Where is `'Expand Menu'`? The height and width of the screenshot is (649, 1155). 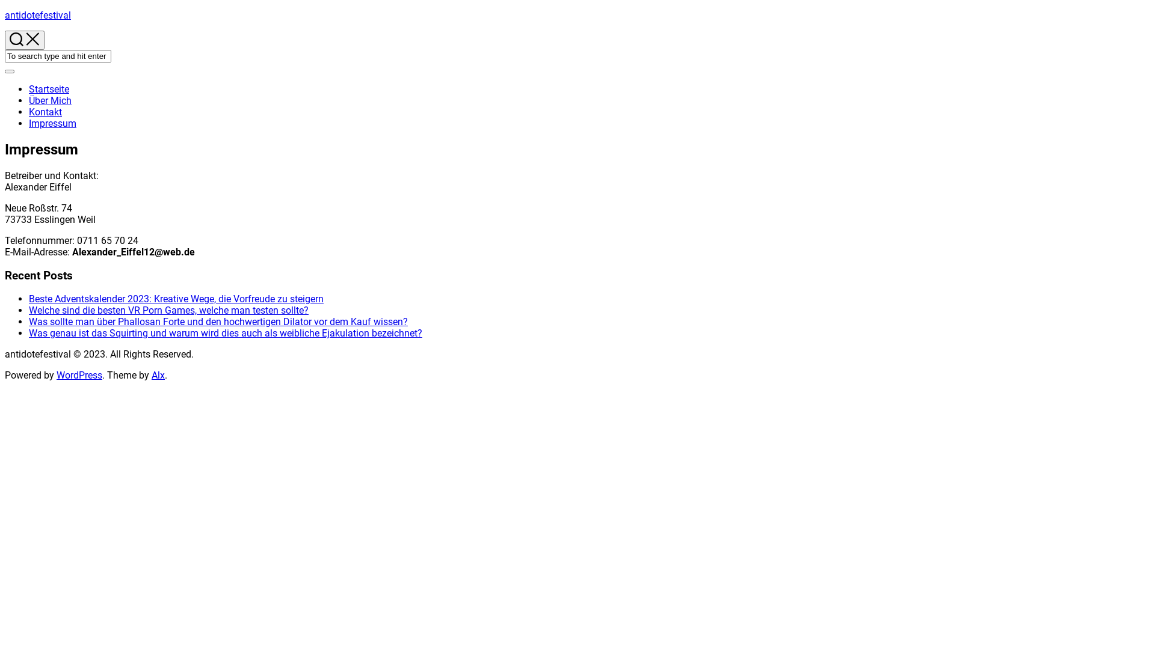
'Expand Menu' is located at coordinates (9, 72).